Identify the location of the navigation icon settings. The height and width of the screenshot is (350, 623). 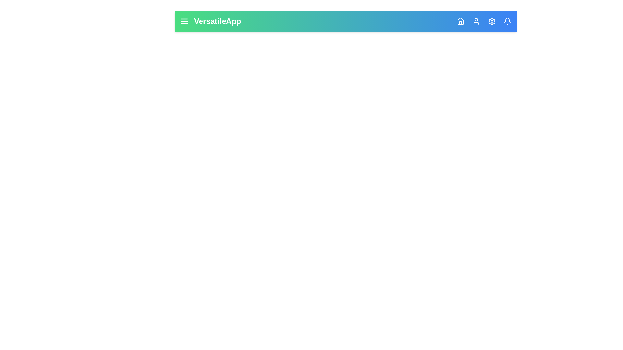
(492, 21).